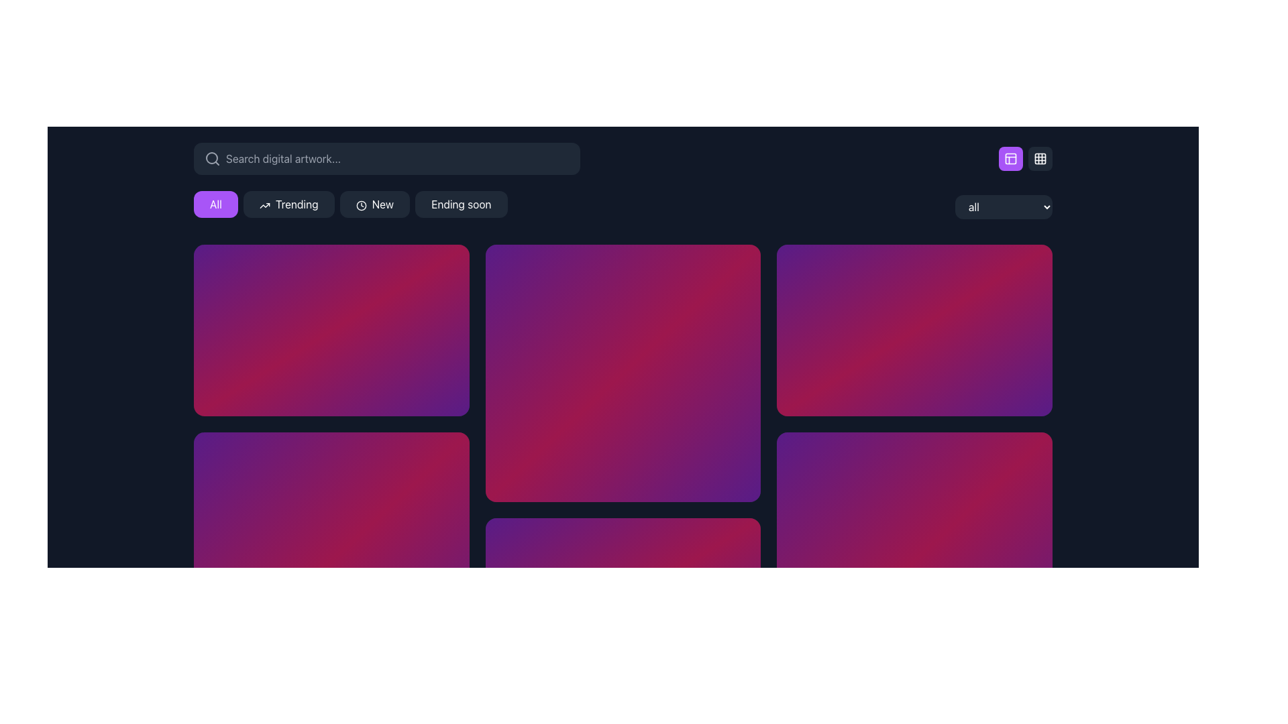 The image size is (1288, 724). Describe the element at coordinates (1039, 158) in the screenshot. I see `the graphical grid layout icon located at the top-right corner of the interface` at that location.